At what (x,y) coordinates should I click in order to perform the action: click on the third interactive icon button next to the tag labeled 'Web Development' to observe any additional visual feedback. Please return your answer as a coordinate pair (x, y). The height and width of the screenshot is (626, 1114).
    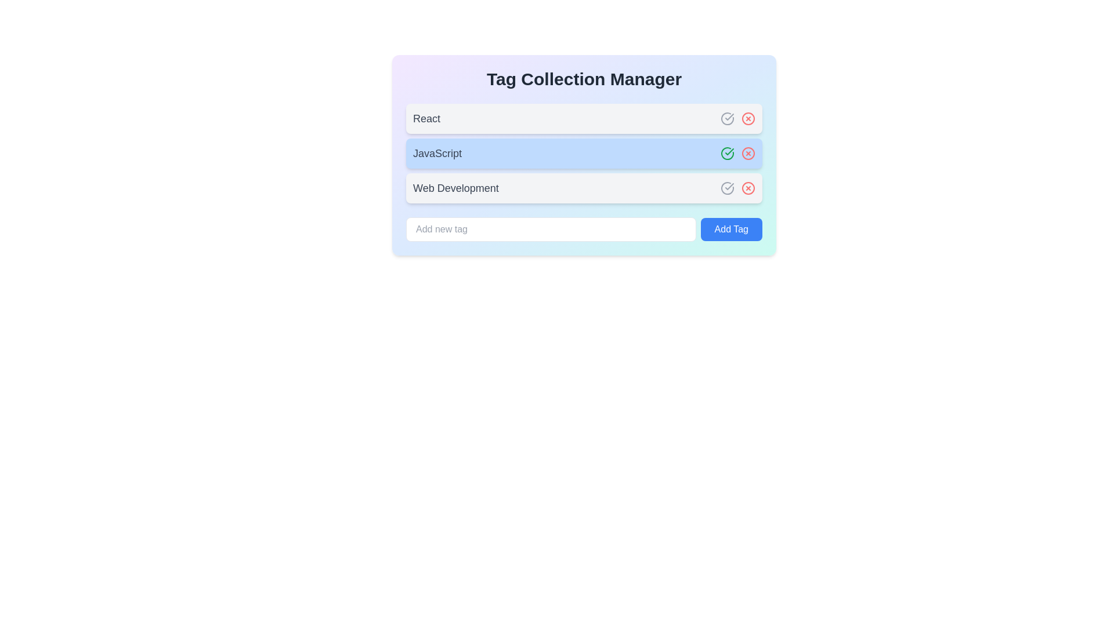
    Looking at the image, I should click on (748, 187).